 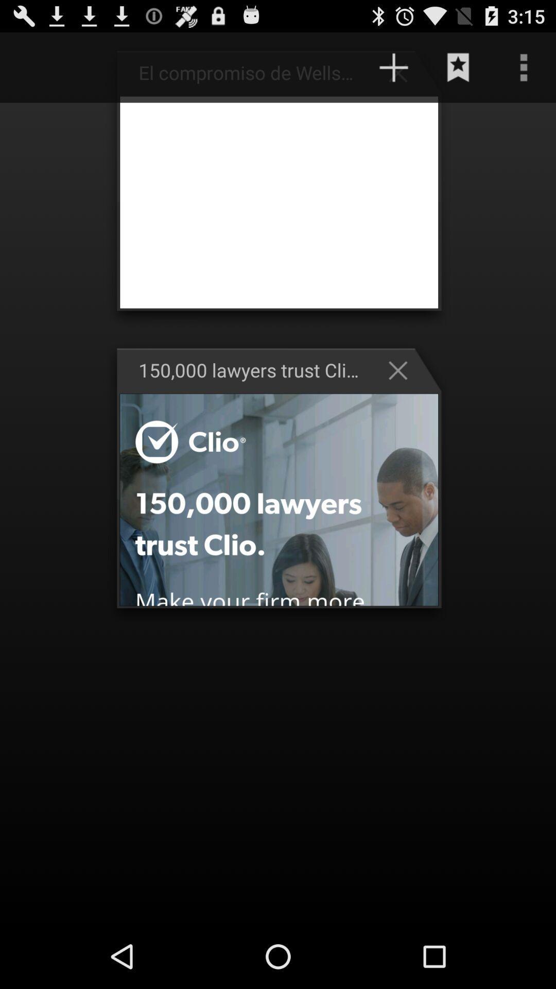 I want to click on the bookmark icon, so click(x=458, y=72).